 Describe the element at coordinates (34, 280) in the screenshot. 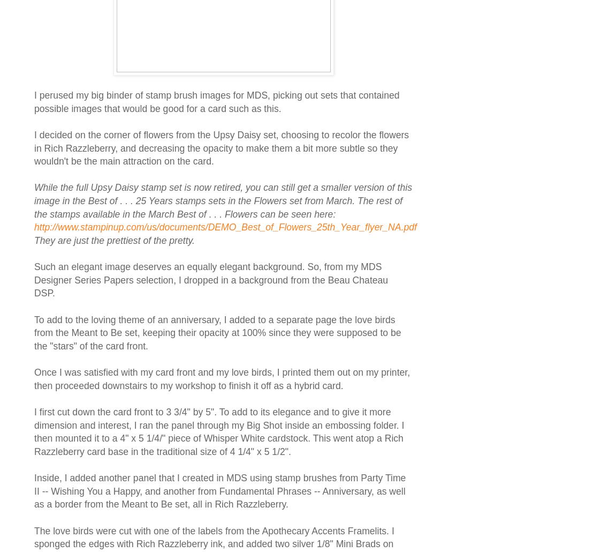

I see `'Such an elegant image deserves an equally elegant background. So, from my MDS Designer Series Papers selection, I dropped in a background from the Beau Chateau DSP.'` at that location.